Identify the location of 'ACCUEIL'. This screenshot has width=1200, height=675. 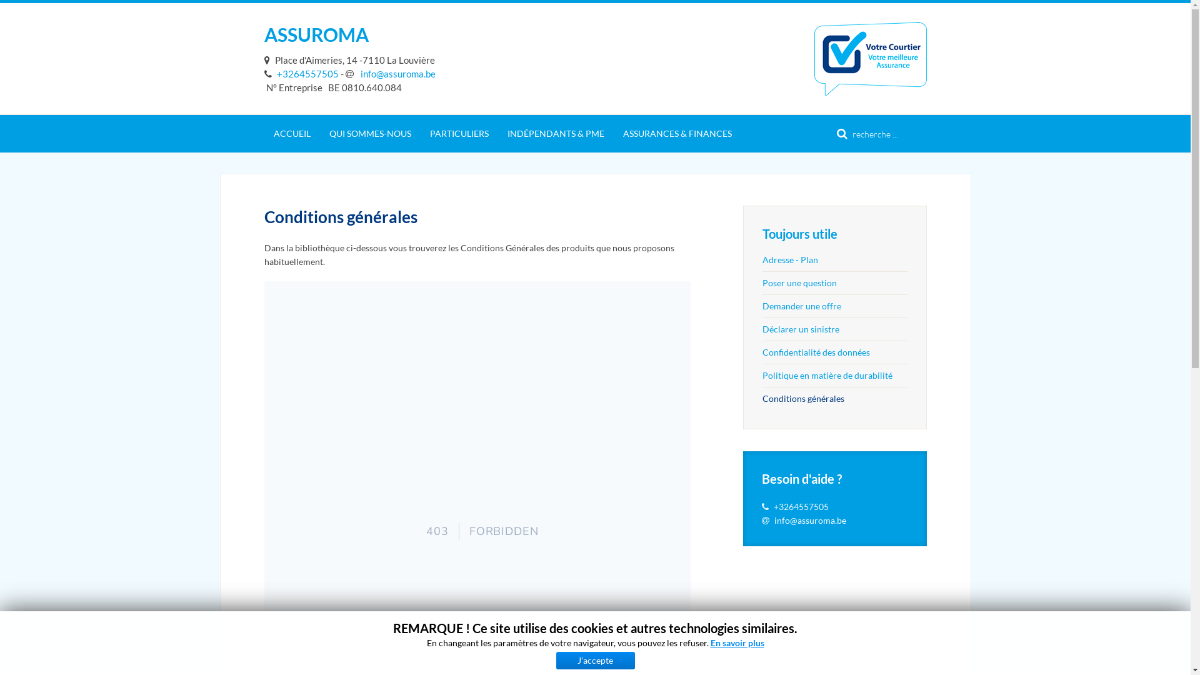
(291, 133).